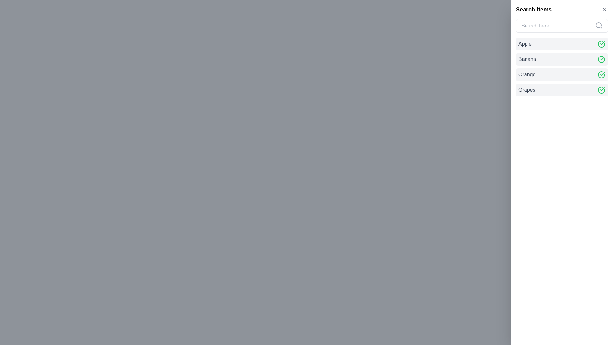 The height and width of the screenshot is (345, 613). Describe the element at coordinates (562, 67) in the screenshot. I see `the list item labeled 'Banana'` at that location.